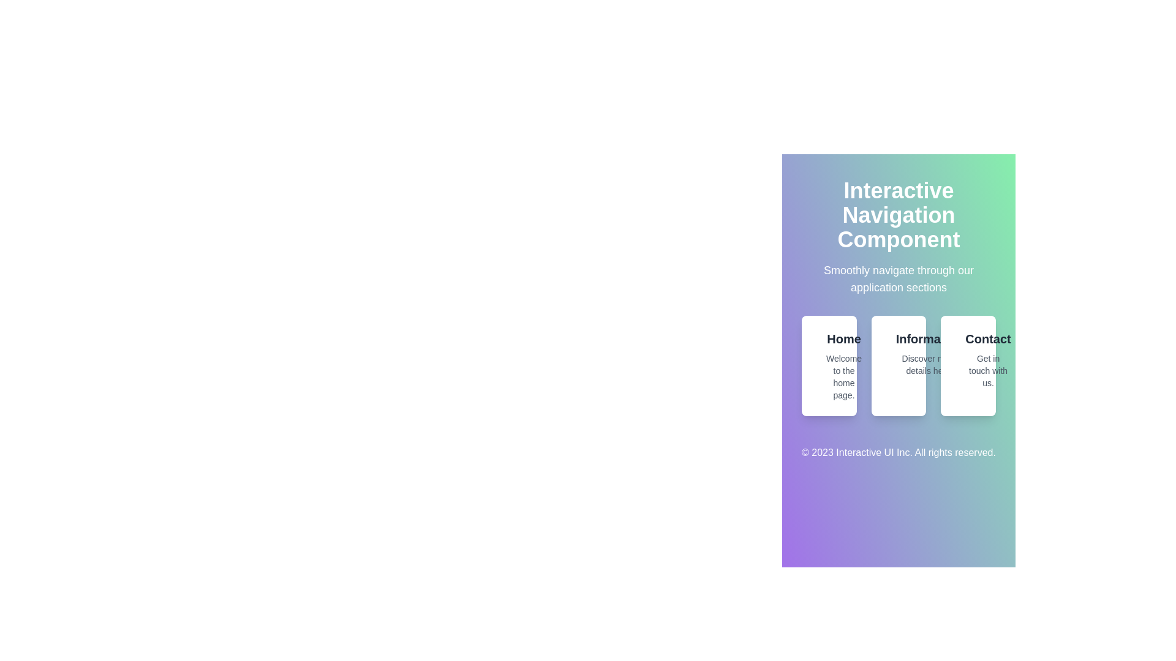 The width and height of the screenshot is (1176, 661). What do you see at coordinates (988, 359) in the screenshot?
I see `the Text element that serves as a navigation card directing users to the contact section or page, positioned as the third card in a horizontal group next to 'Home' and 'Information'` at bounding box center [988, 359].